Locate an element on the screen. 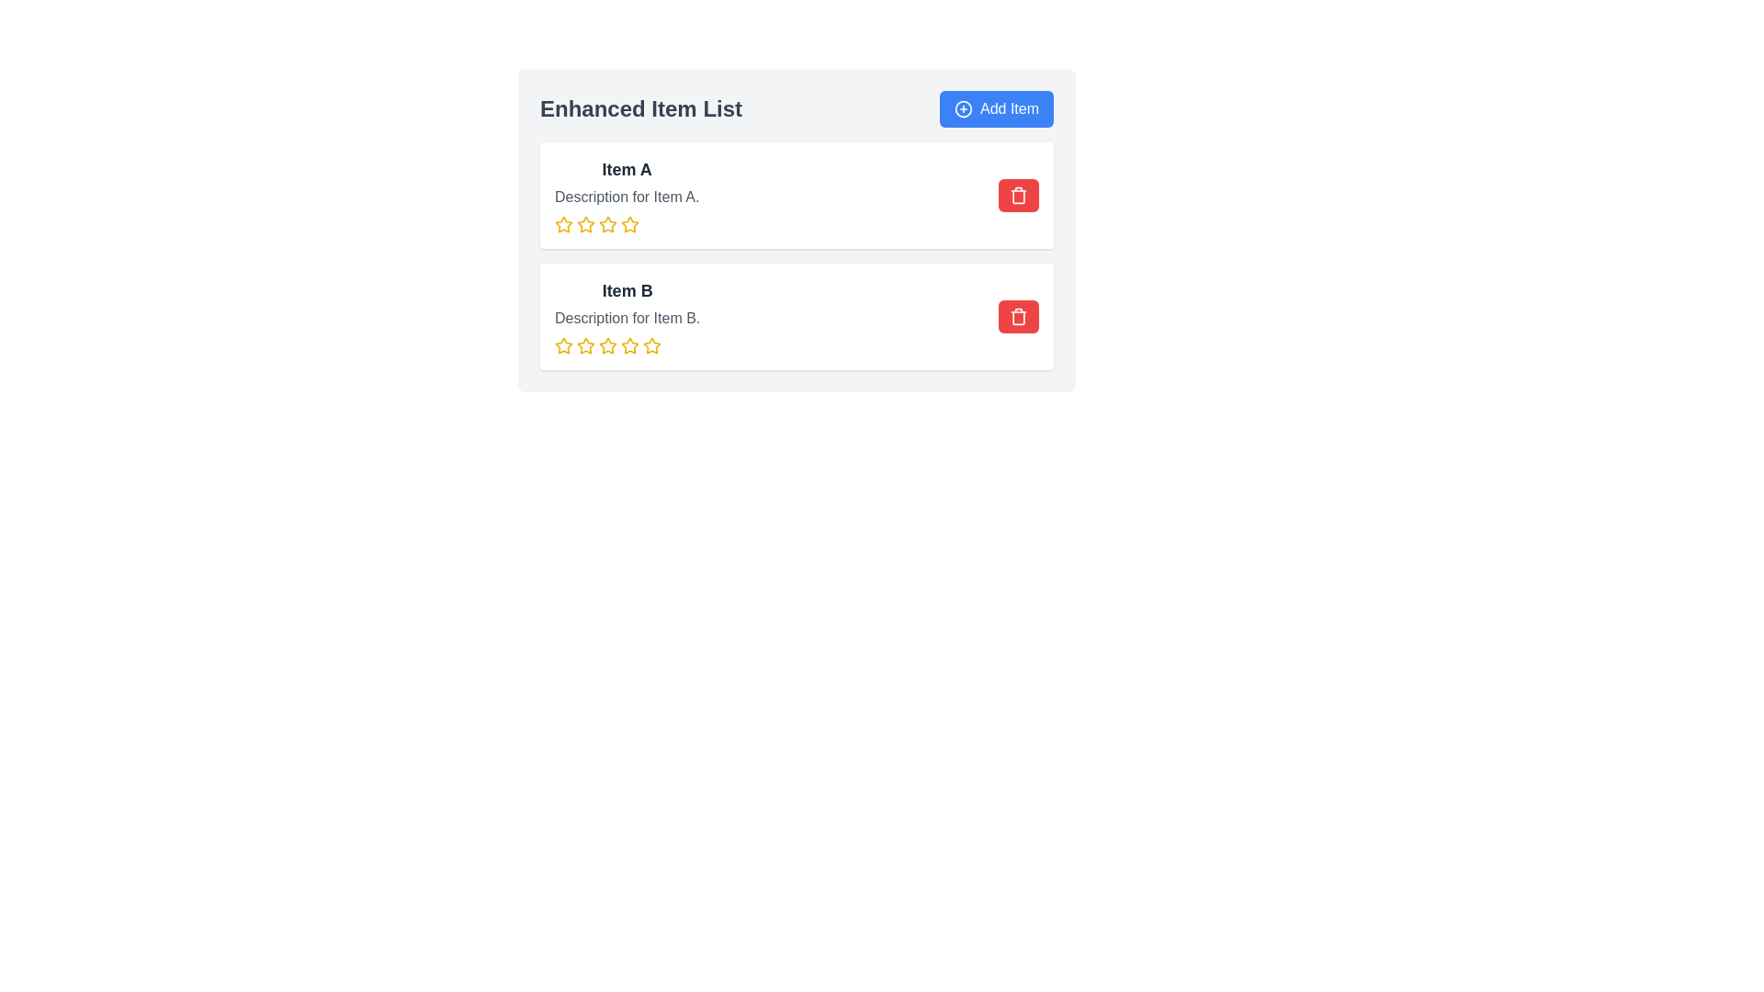 The height and width of the screenshot is (992, 1764). the red trash icon that represents a delete action, located on the right side of the row for 'Item A' in the list of items is located at coordinates (1017, 315).